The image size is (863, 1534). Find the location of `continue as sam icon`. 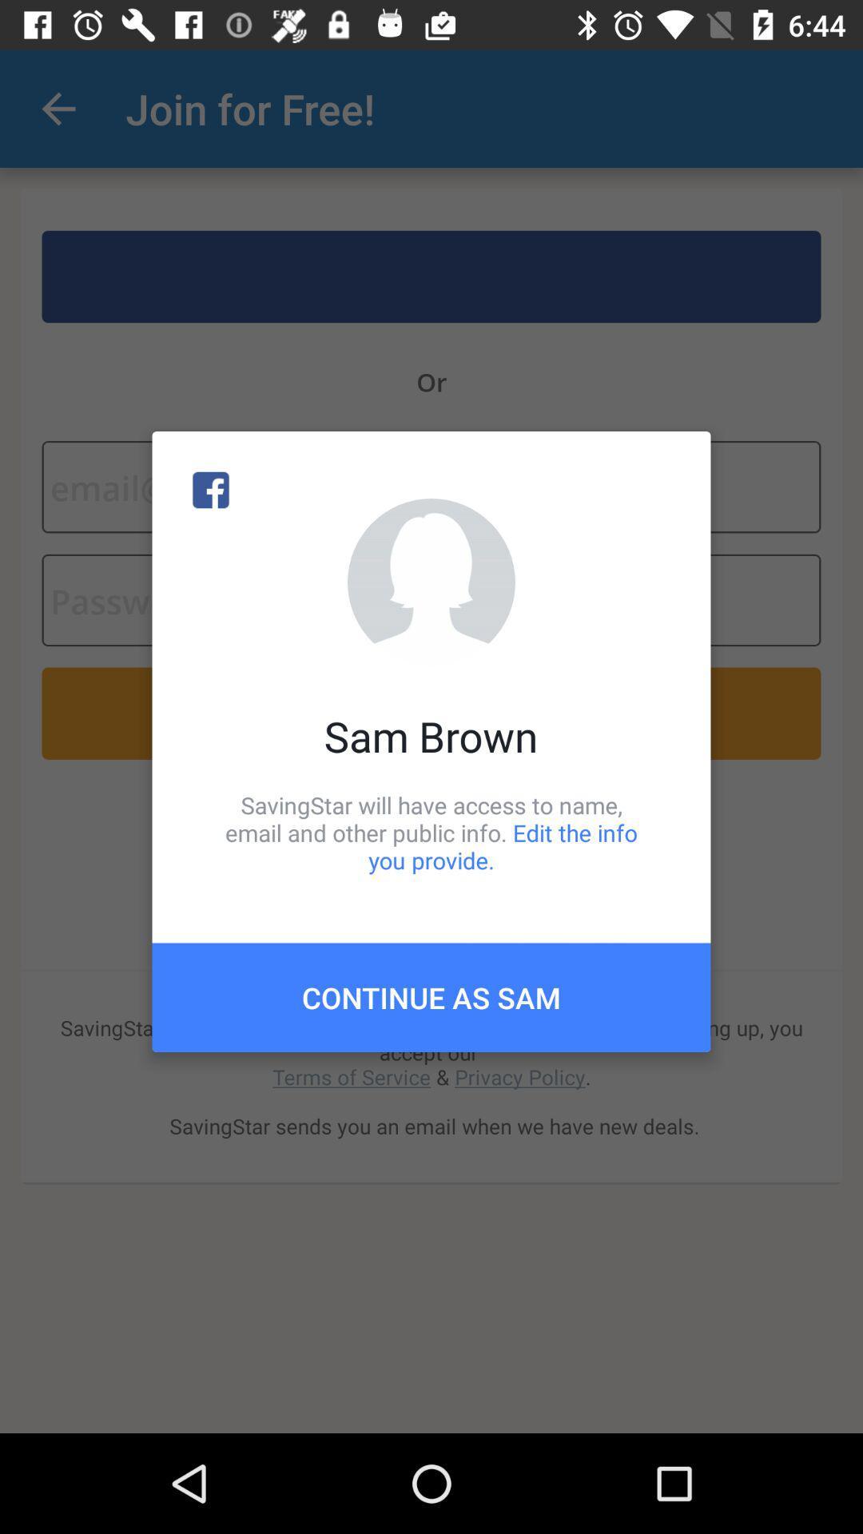

continue as sam icon is located at coordinates (431, 996).